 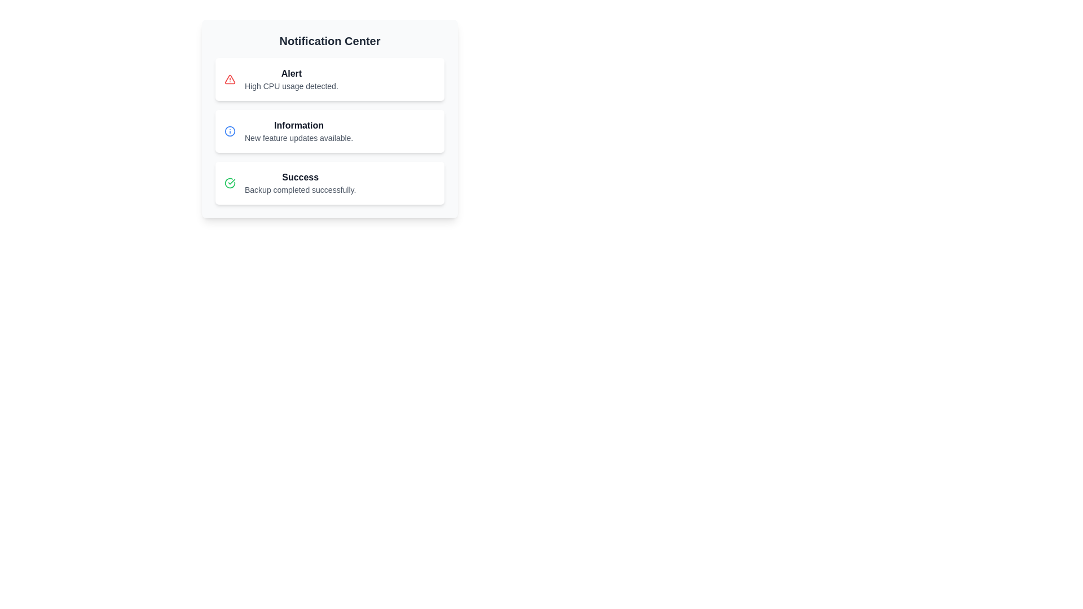 What do you see at coordinates (299, 130) in the screenshot?
I see `the second notification item in the Notification Center UI block, which displays important information about new feature updates` at bounding box center [299, 130].